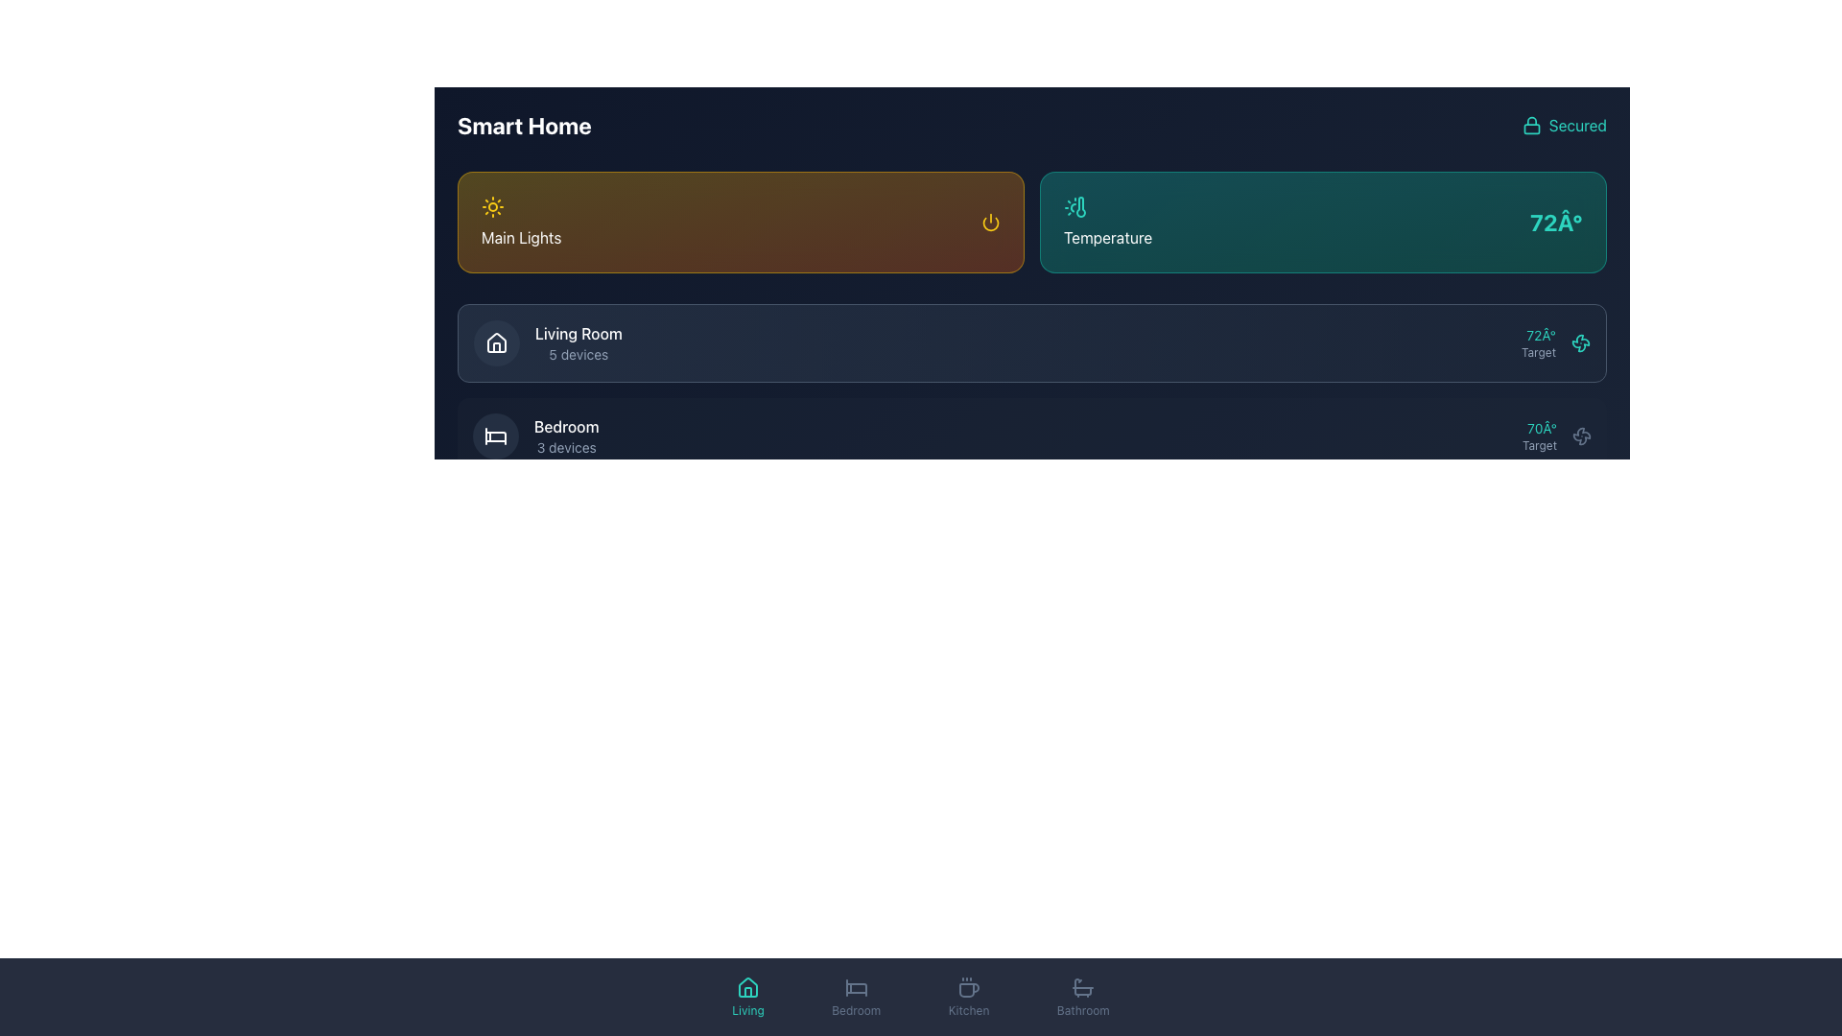  I want to click on text content displaying information about the 'Living Room' which indicates it has 5 devices associated with it, positioned below 'Main Lights' and above 'Bedroom', so click(578, 342).